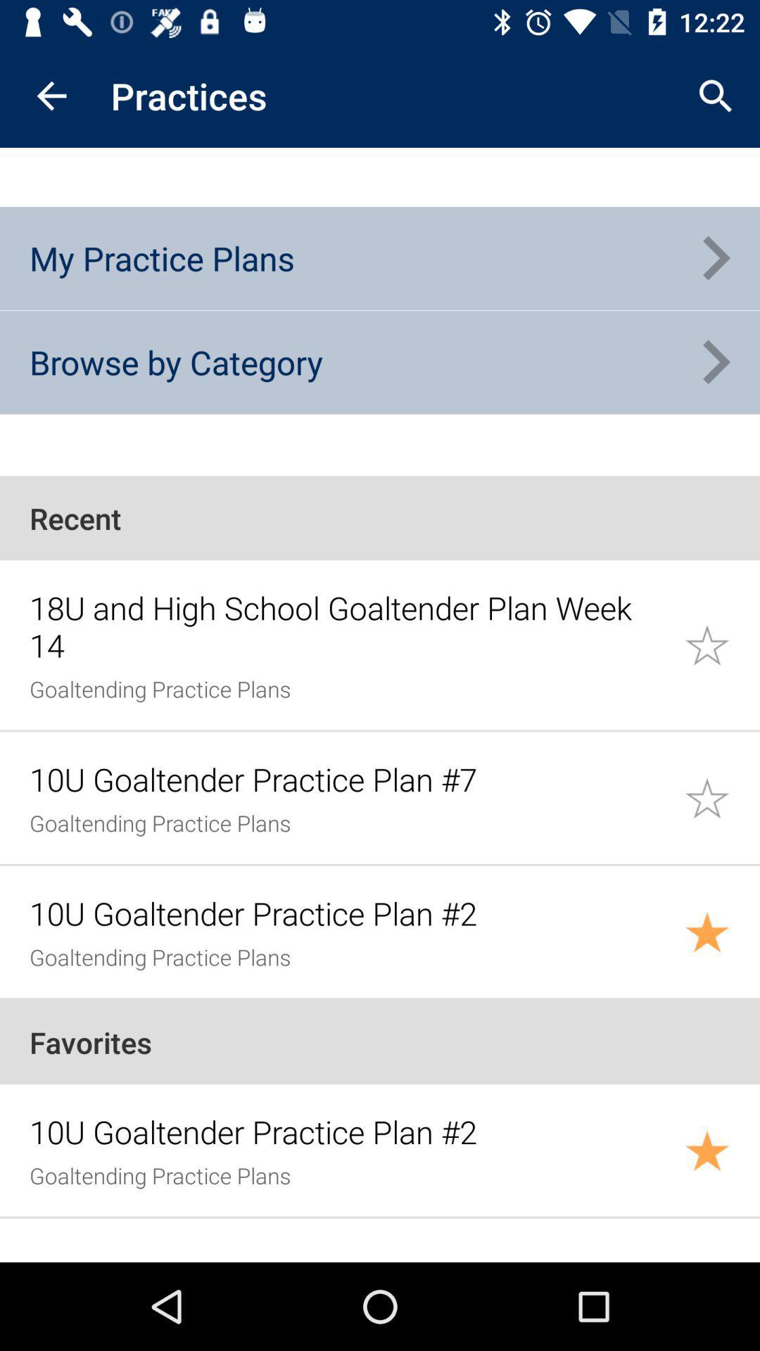 Image resolution: width=760 pixels, height=1351 pixels. Describe the element at coordinates (348, 626) in the screenshot. I see `18u and high` at that location.